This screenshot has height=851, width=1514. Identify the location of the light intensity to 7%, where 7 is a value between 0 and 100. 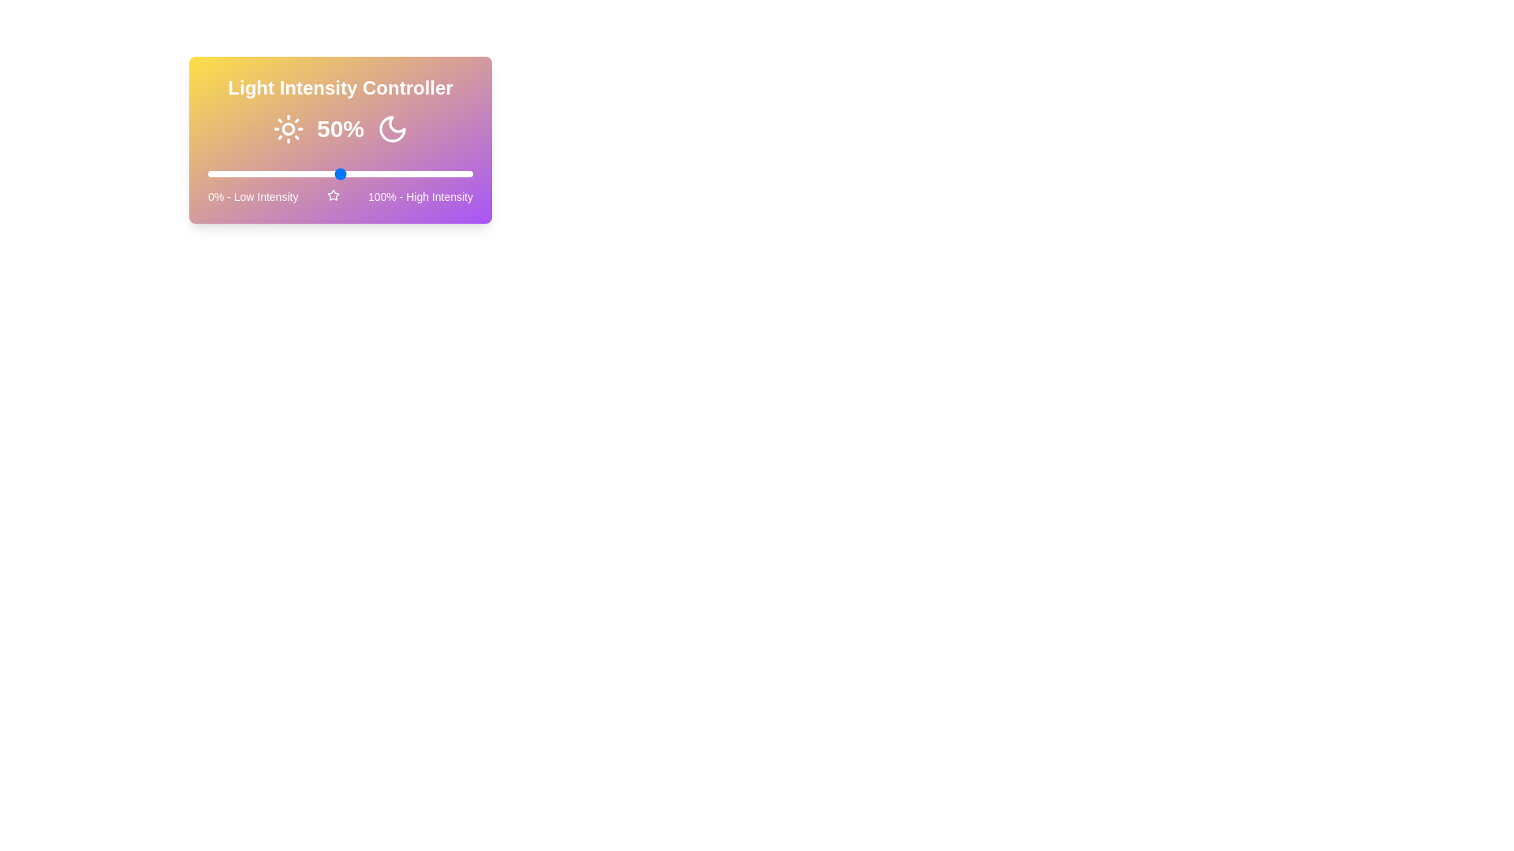
(226, 173).